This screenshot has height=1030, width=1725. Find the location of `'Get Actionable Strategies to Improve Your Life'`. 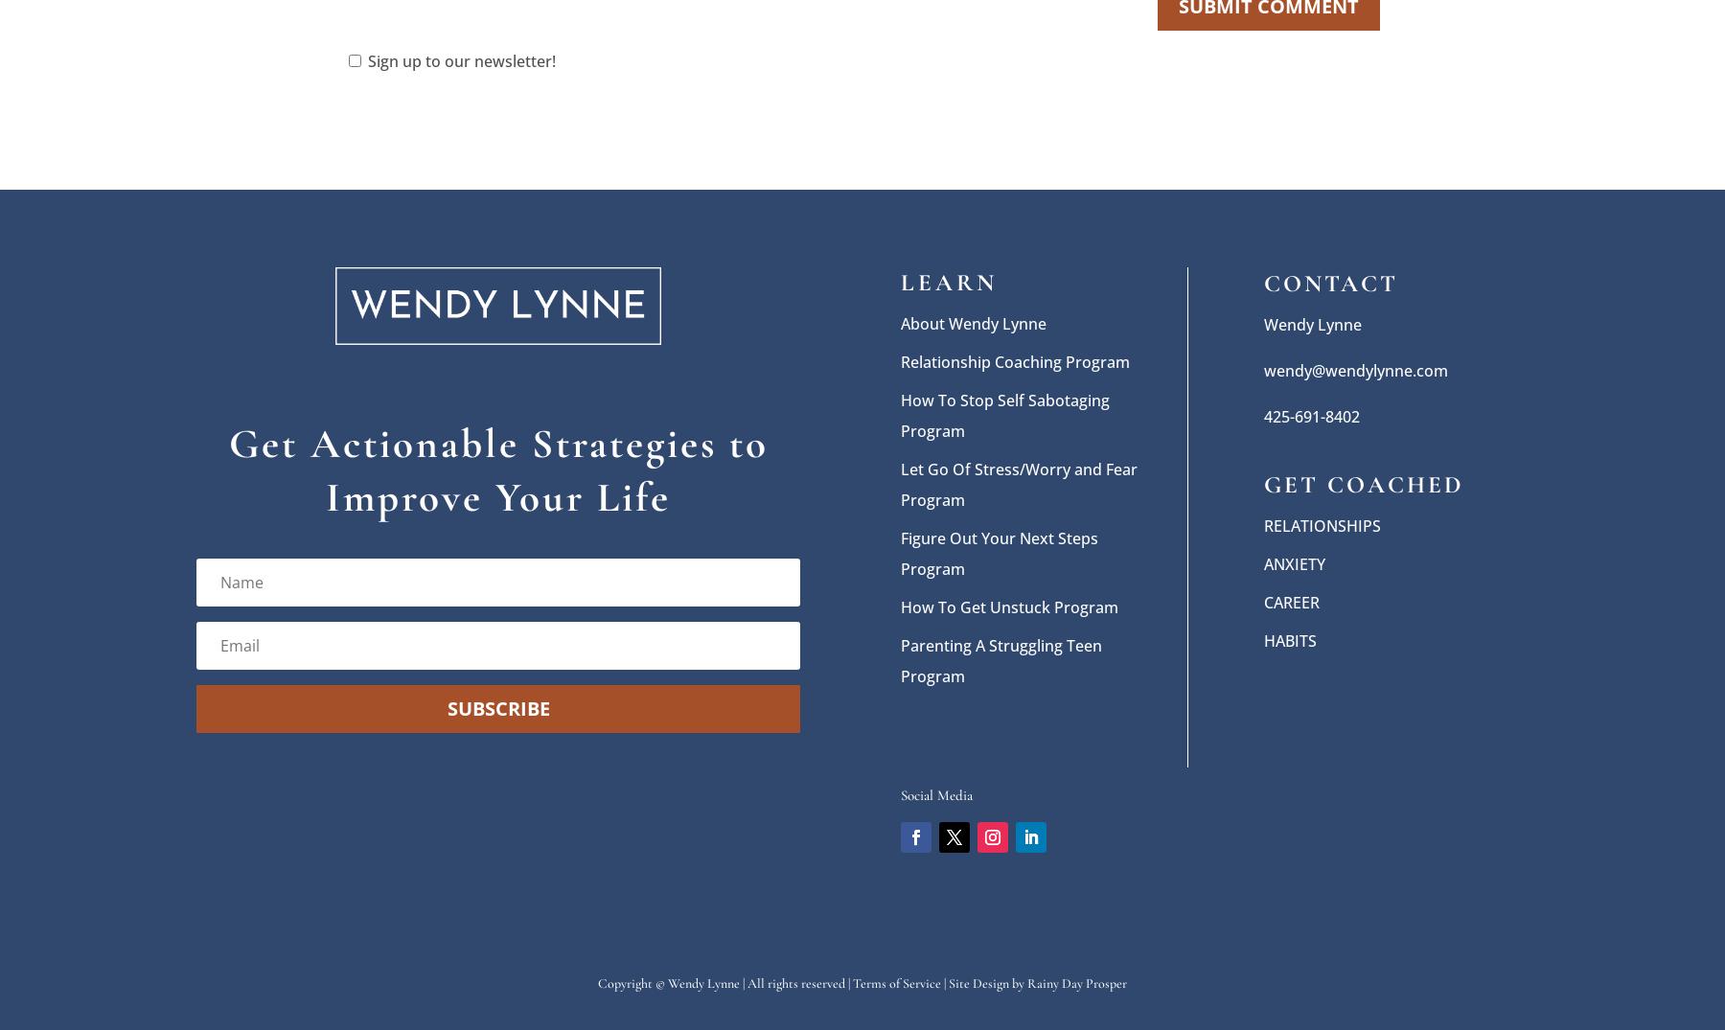

'Get Actionable Strategies to Improve Your Life' is located at coordinates (496, 469).